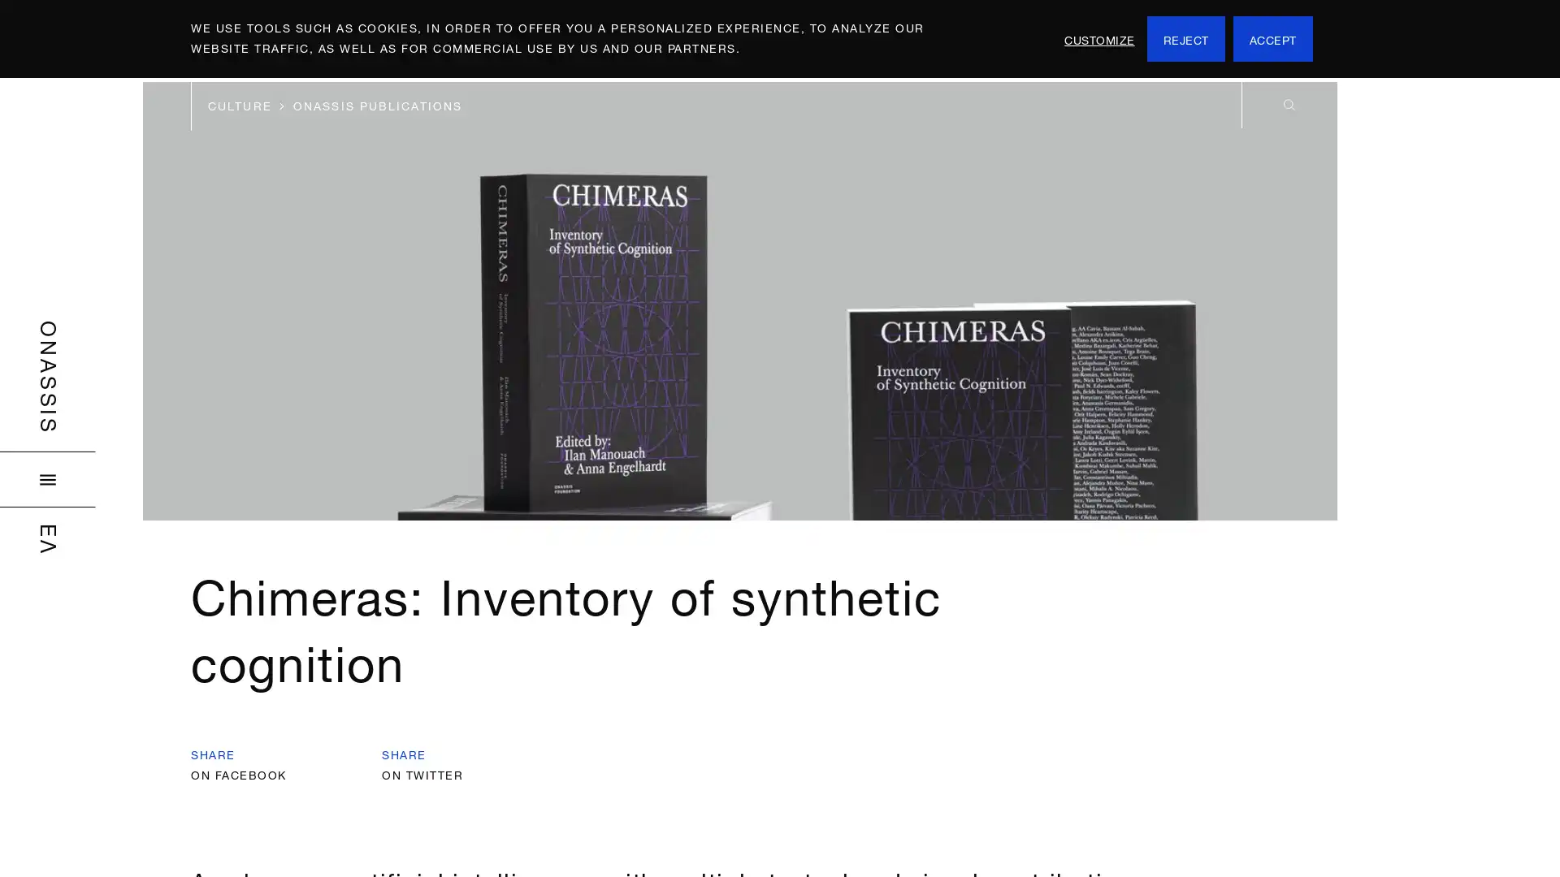  I want to click on CUSTOMIZE, so click(1099, 37).